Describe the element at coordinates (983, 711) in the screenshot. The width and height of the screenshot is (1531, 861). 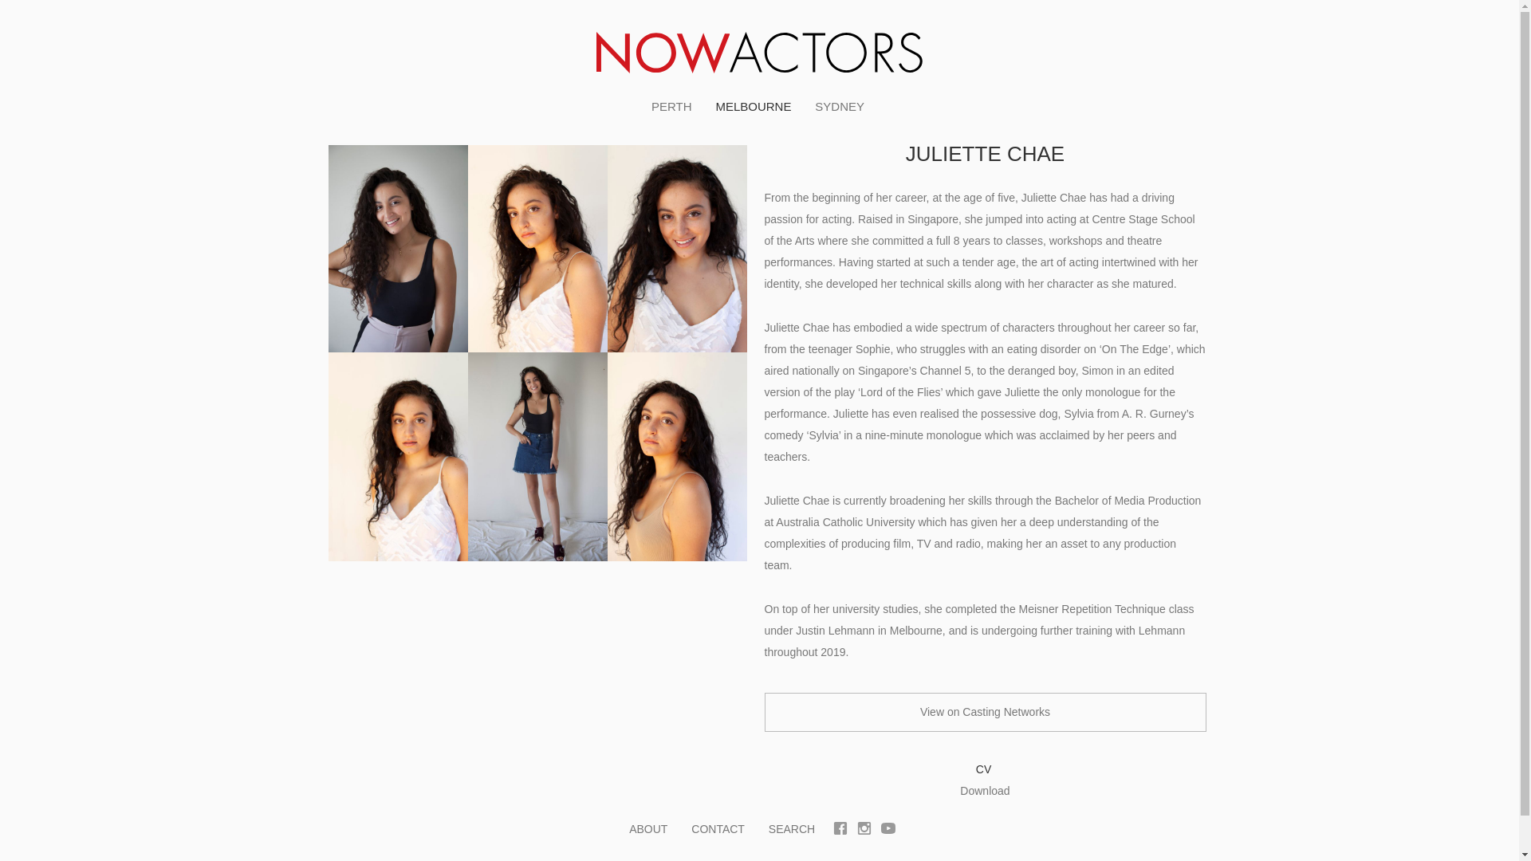
I see `'View on Casting Networks'` at that location.